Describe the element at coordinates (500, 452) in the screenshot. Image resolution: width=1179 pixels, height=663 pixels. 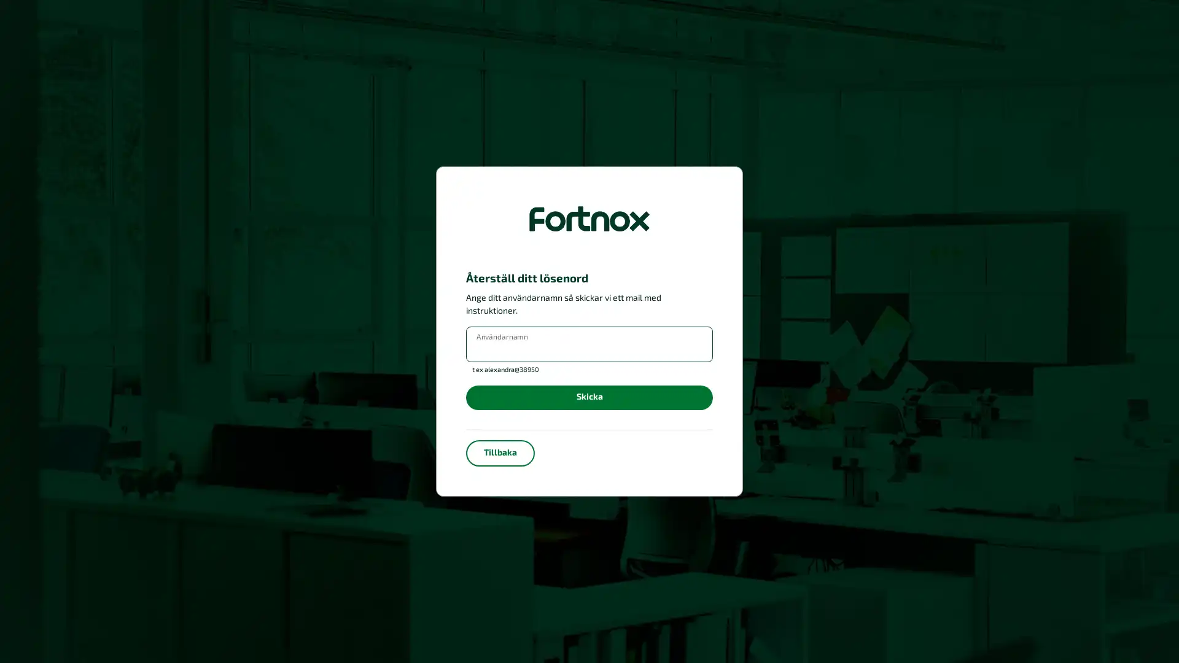
I see `Tillbaka` at that location.